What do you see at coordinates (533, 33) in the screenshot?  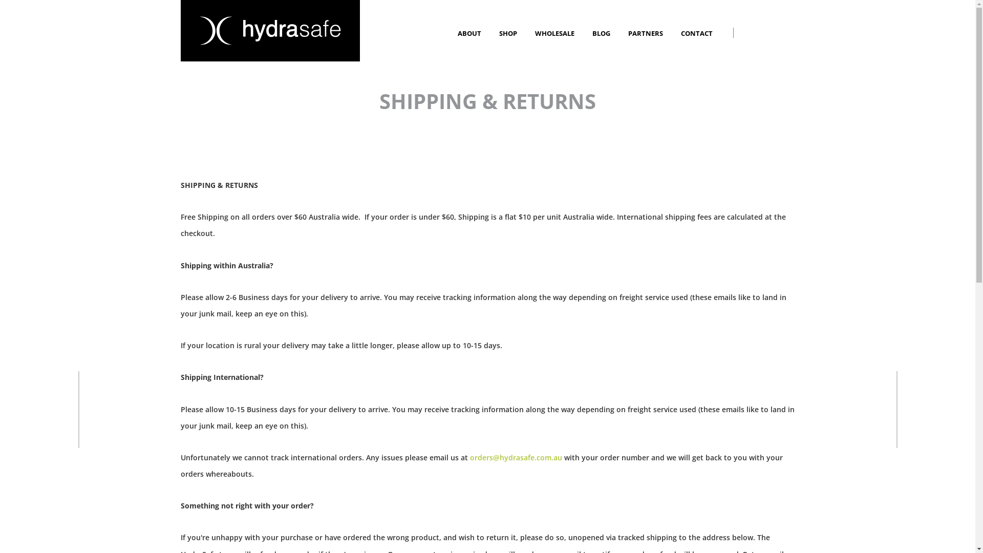 I see `'WHOLESALE'` at bounding box center [533, 33].